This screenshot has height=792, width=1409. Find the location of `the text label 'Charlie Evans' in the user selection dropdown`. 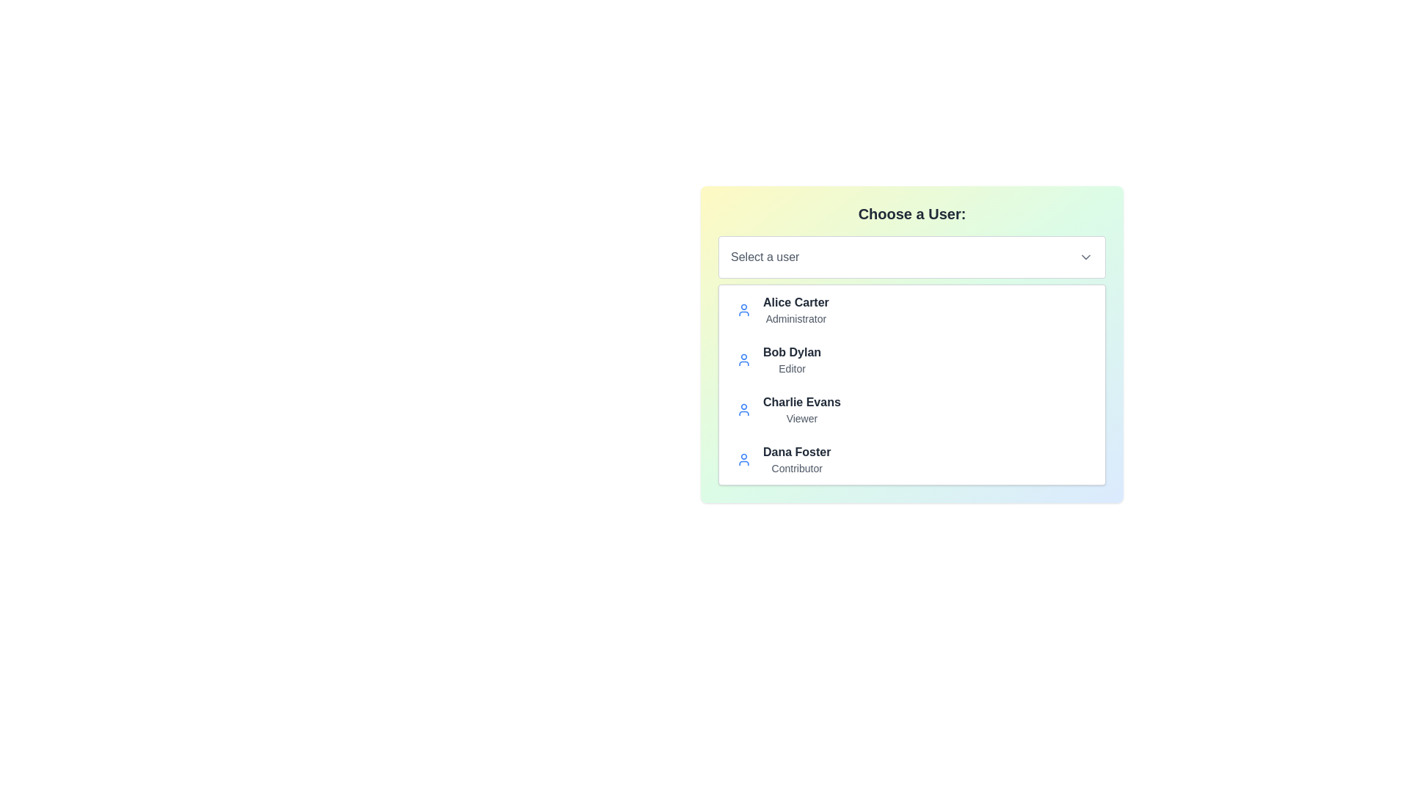

the text label 'Charlie Evans' in the user selection dropdown is located at coordinates (801, 402).